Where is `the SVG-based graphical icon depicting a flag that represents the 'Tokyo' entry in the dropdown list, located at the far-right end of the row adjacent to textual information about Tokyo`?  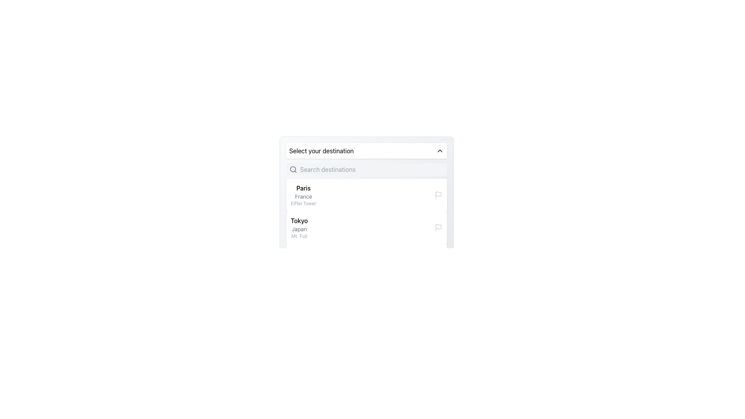 the SVG-based graphical icon depicting a flag that represents the 'Tokyo' entry in the dropdown list, located at the far-right end of the row adjacent to textual information about Tokyo is located at coordinates (438, 227).